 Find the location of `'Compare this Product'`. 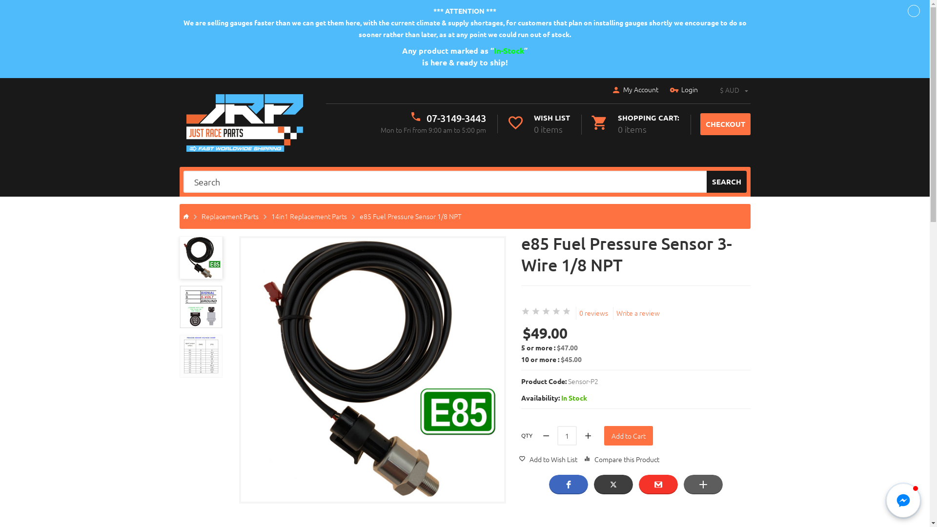

'Compare this Product' is located at coordinates (621, 459).